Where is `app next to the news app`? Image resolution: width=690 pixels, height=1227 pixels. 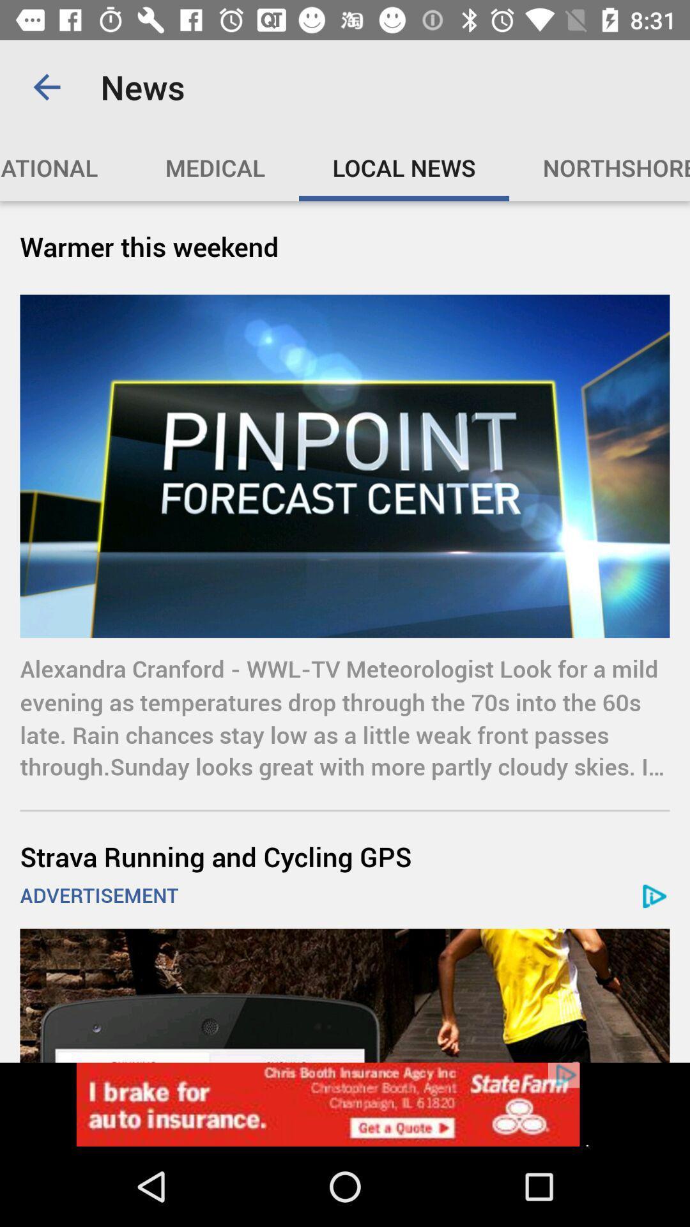 app next to the news app is located at coordinates (46, 86).